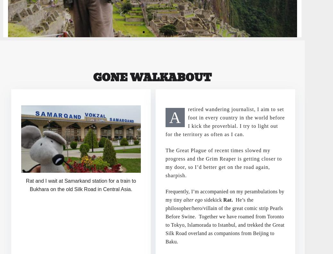  Describe the element at coordinates (224, 195) in the screenshot. I see `'Frequently, I’m accompanied on my perambulations by my tiny'` at that location.